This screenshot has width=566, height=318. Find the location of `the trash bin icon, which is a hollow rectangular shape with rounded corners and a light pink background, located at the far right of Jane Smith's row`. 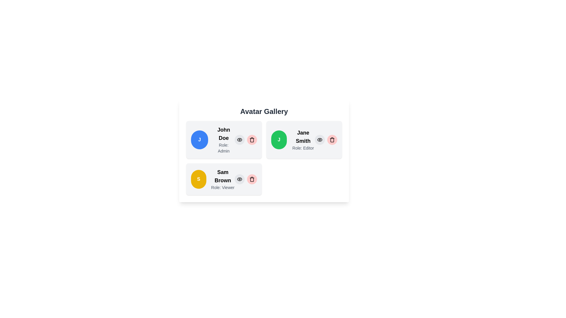

the trash bin icon, which is a hollow rectangular shape with rounded corners and a light pink background, located at the far right of Jane Smith's row is located at coordinates (332, 140).